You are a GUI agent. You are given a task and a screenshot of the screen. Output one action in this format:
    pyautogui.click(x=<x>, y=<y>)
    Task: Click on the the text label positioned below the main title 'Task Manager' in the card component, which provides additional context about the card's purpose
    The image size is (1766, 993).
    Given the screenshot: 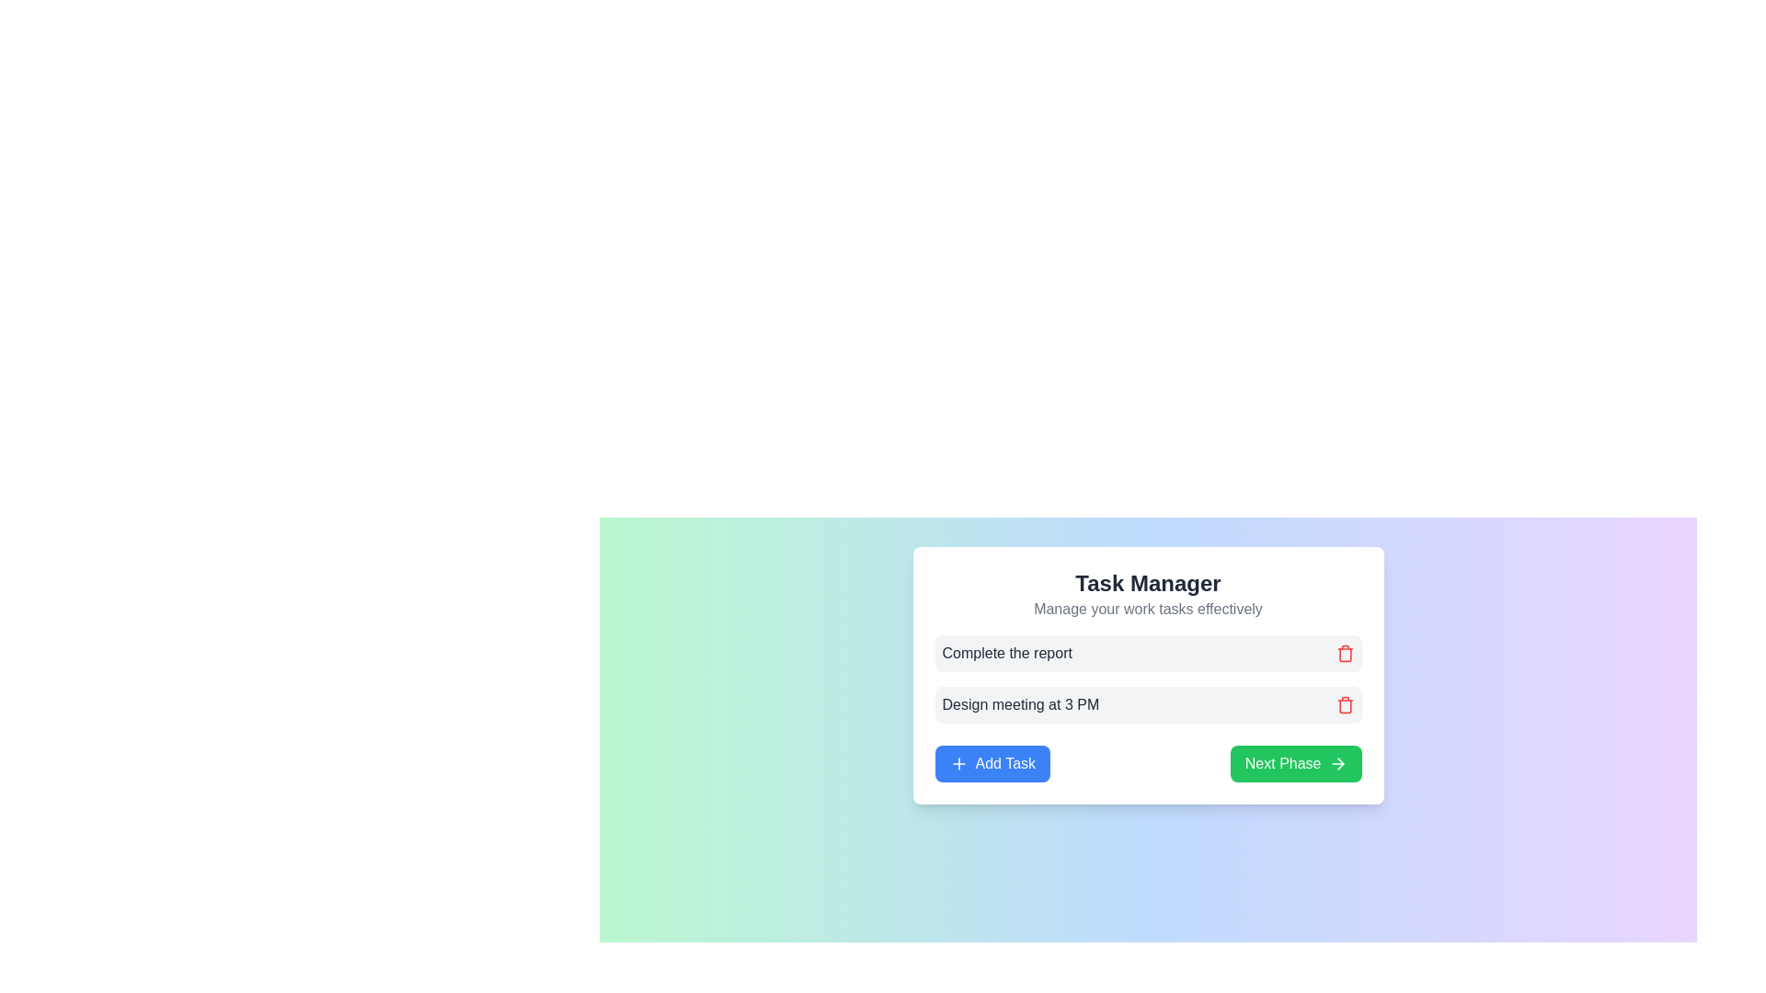 What is the action you would take?
    pyautogui.click(x=1147, y=610)
    